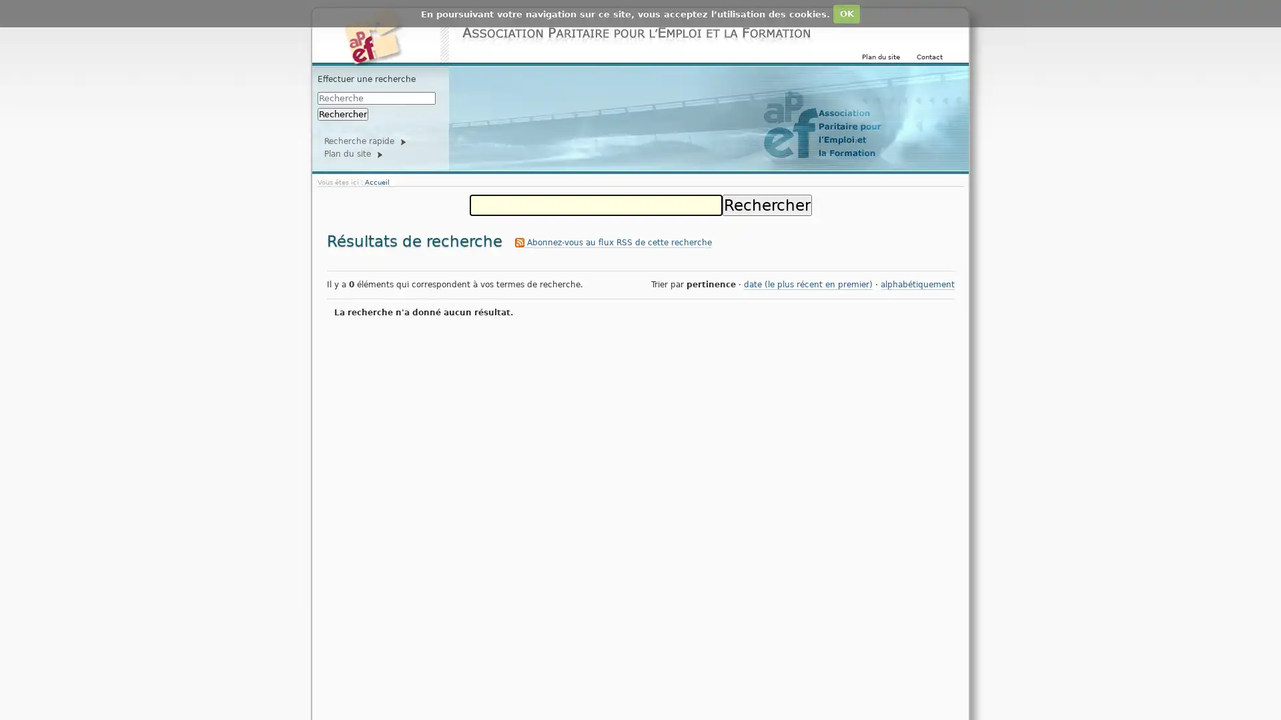 This screenshot has width=1281, height=720. Describe the element at coordinates (767, 205) in the screenshot. I see `Rechercher` at that location.